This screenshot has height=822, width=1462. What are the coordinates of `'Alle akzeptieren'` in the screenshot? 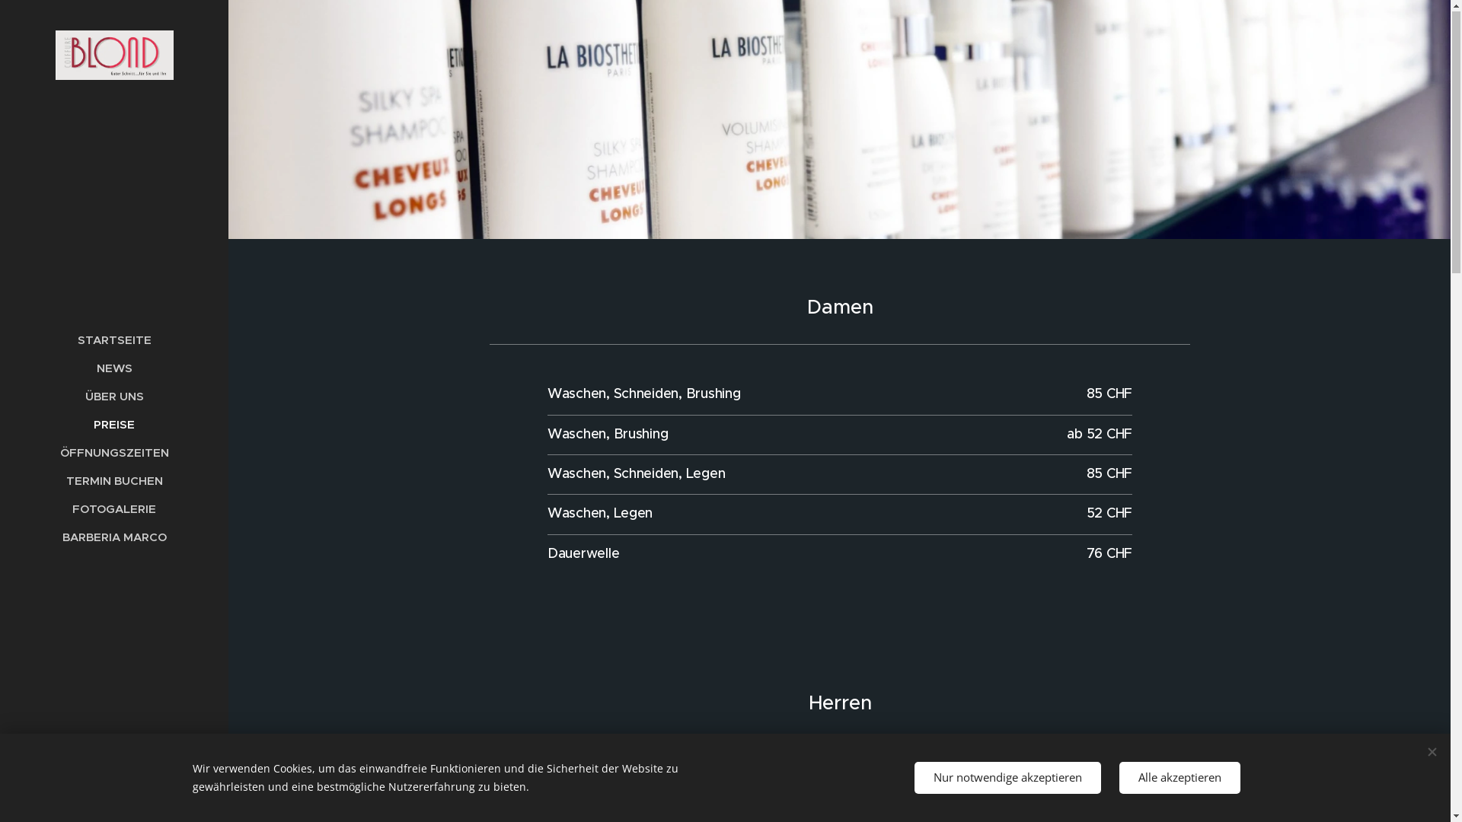 It's located at (1179, 778).